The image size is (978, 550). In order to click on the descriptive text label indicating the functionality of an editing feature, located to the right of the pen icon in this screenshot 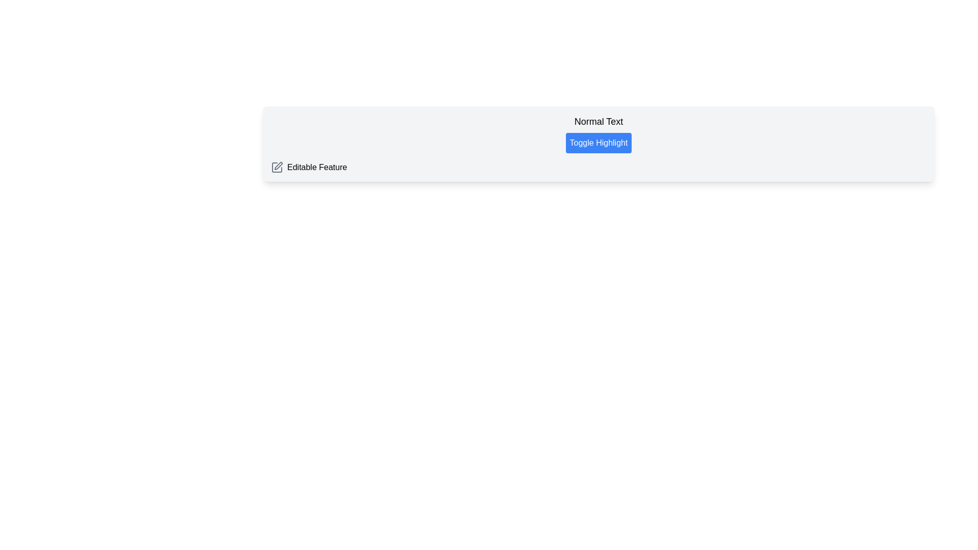, I will do `click(316, 167)`.